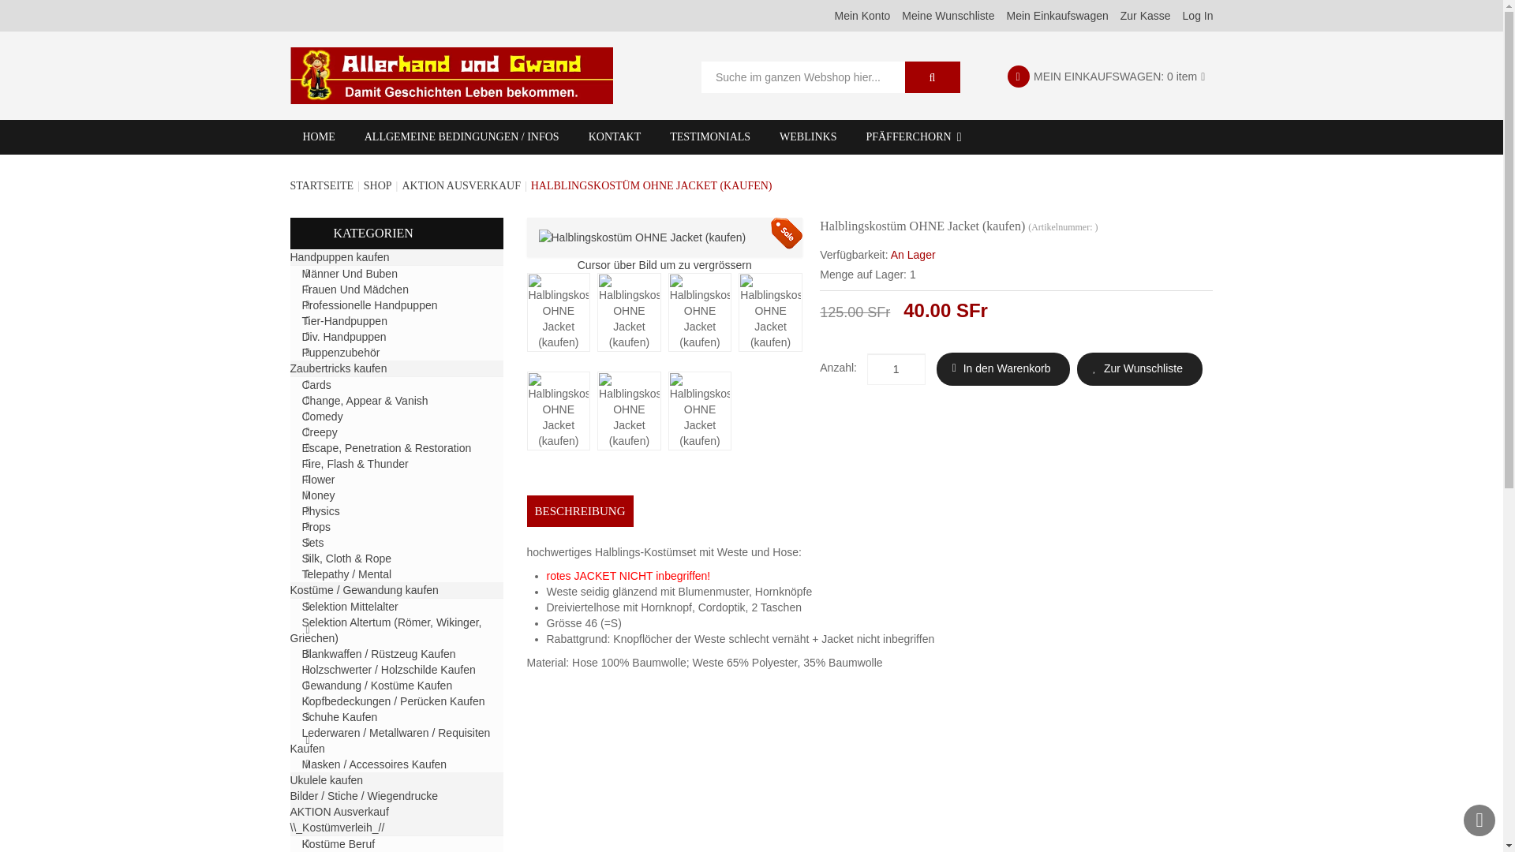 The height and width of the screenshot is (852, 1515). What do you see at coordinates (301, 511) in the screenshot?
I see `'Physics'` at bounding box center [301, 511].